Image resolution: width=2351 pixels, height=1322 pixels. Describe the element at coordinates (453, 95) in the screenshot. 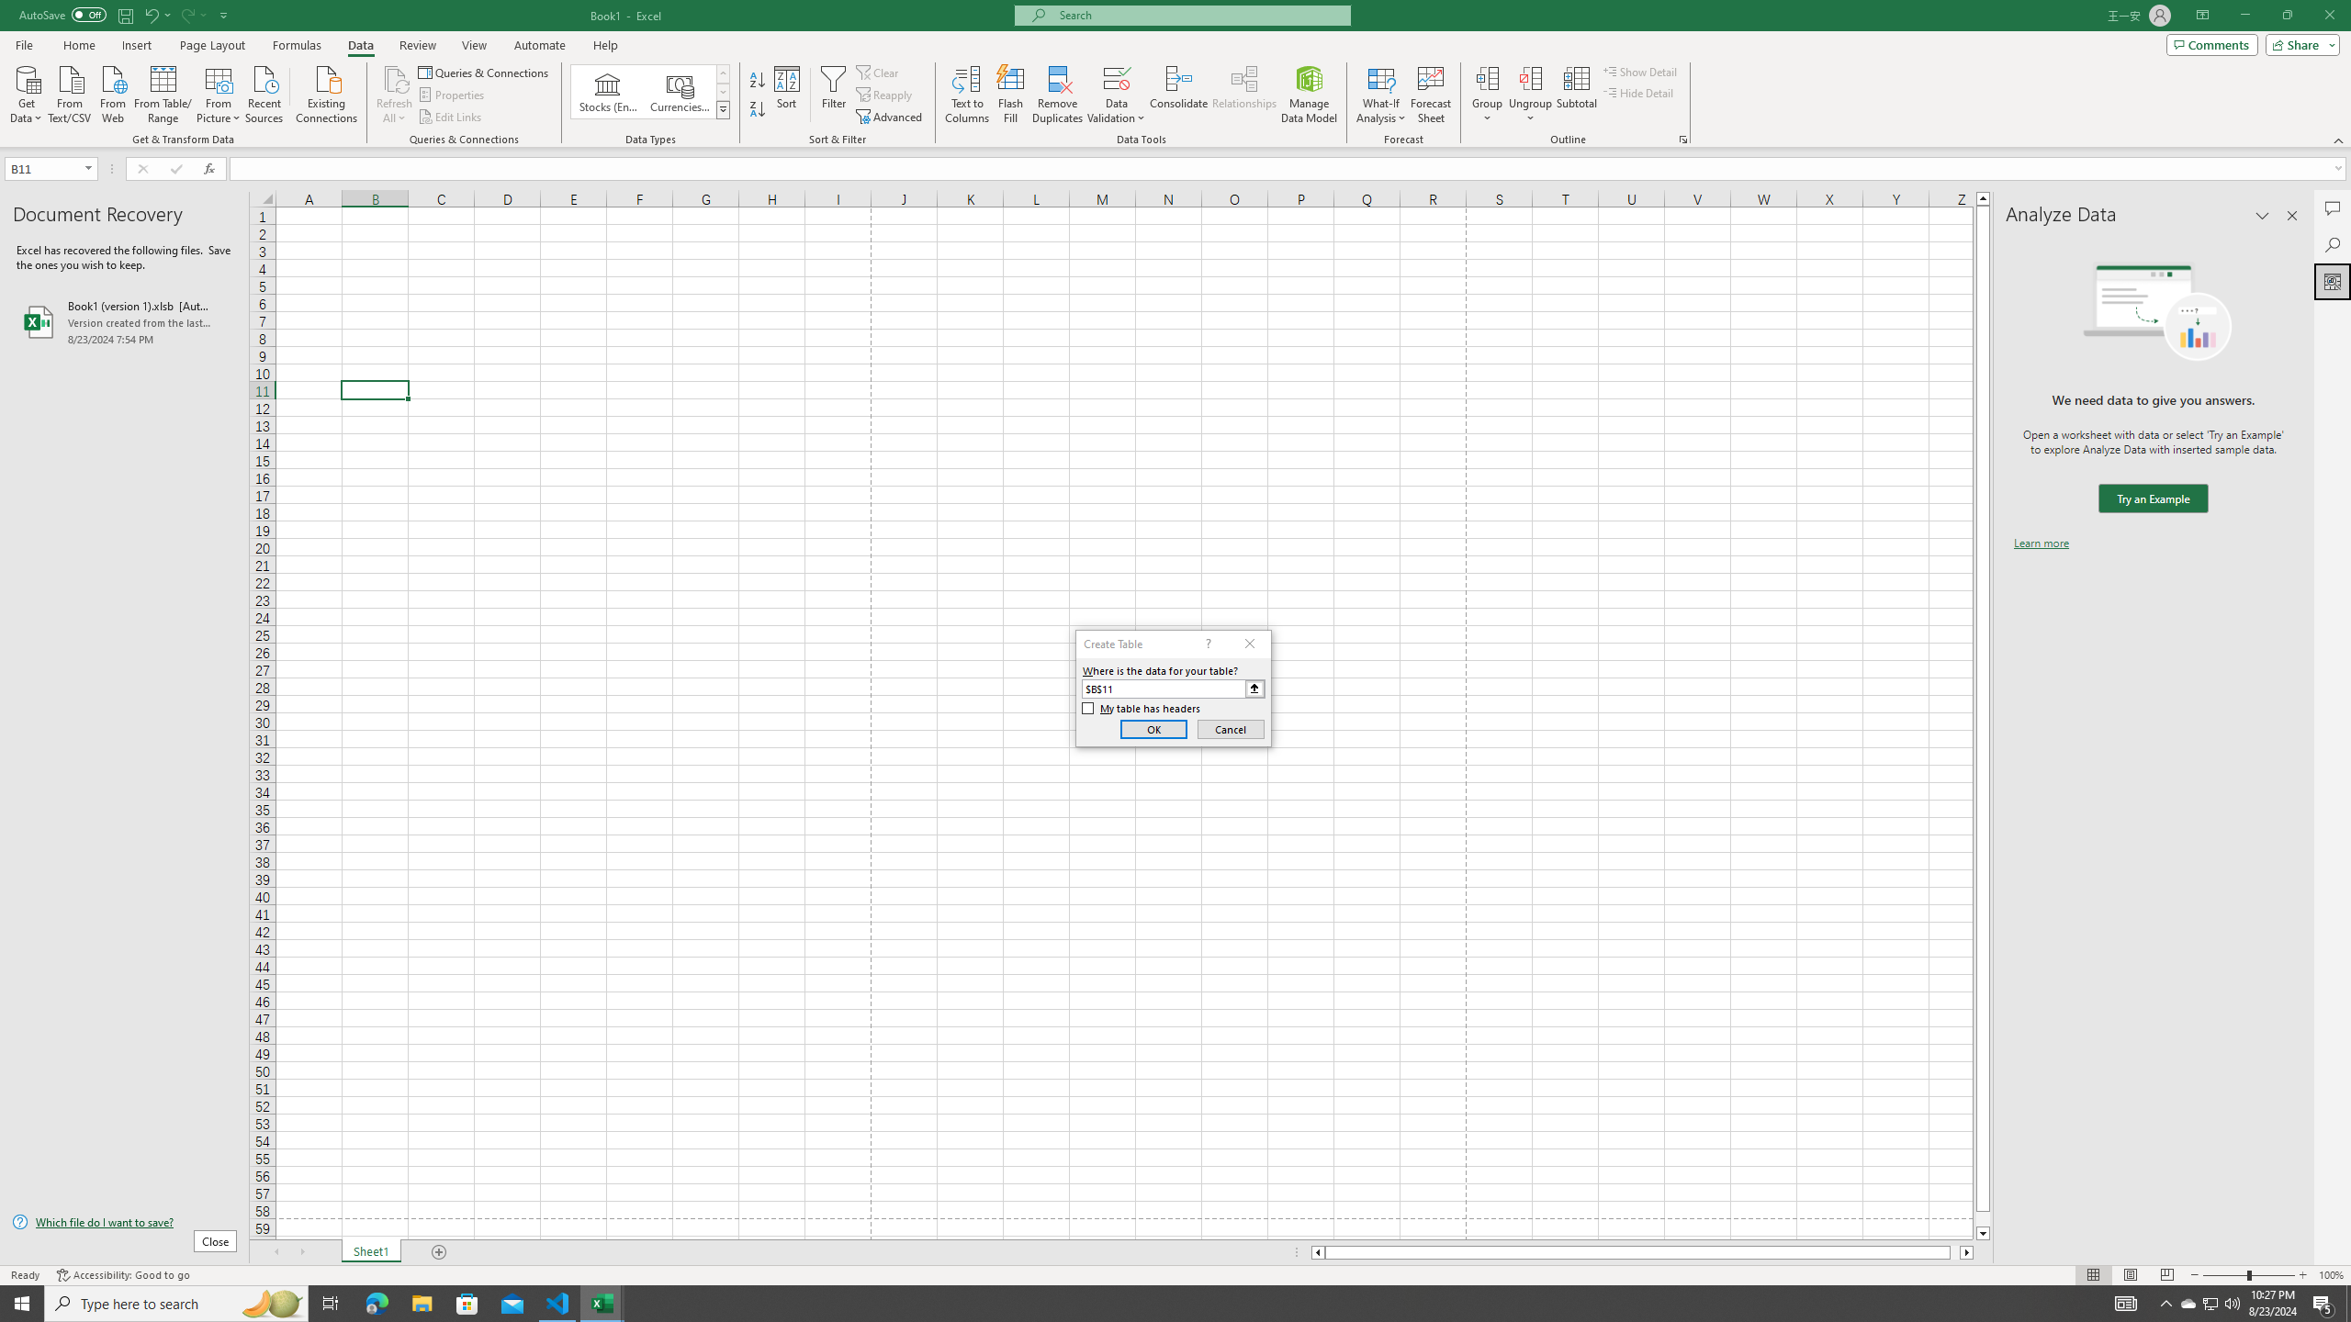

I see `'Properties'` at that location.